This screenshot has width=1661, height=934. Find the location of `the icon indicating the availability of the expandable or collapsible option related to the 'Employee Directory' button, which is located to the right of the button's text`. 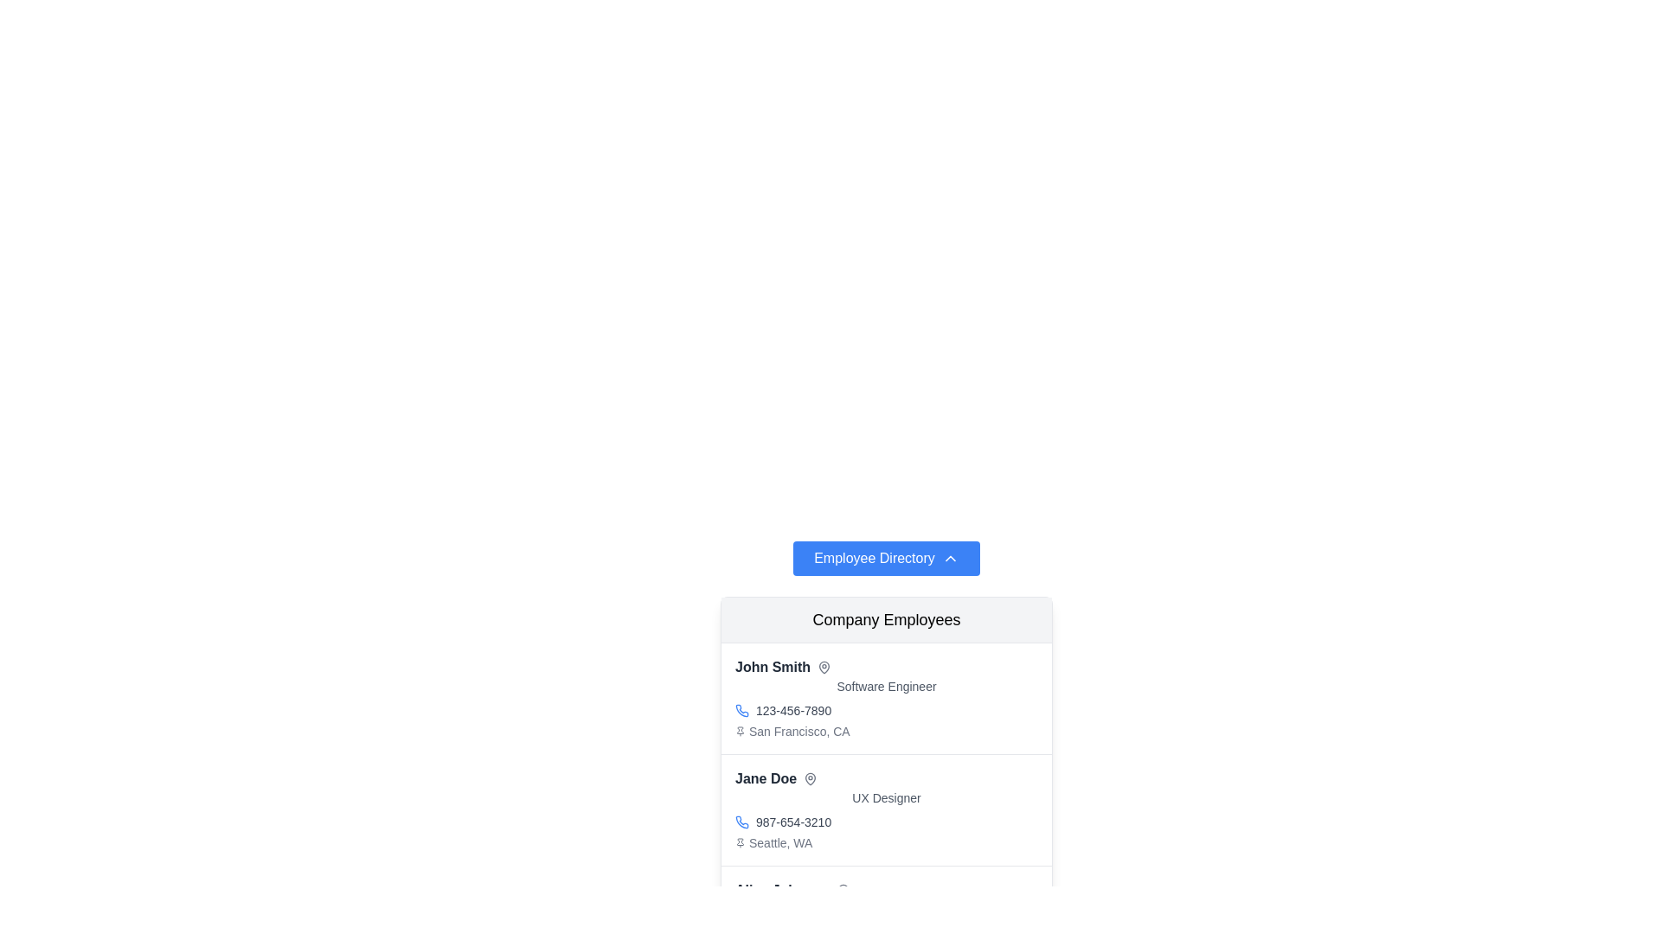

the icon indicating the availability of the expandable or collapsible option related to the 'Employee Directory' button, which is located to the right of the button's text is located at coordinates (949, 558).